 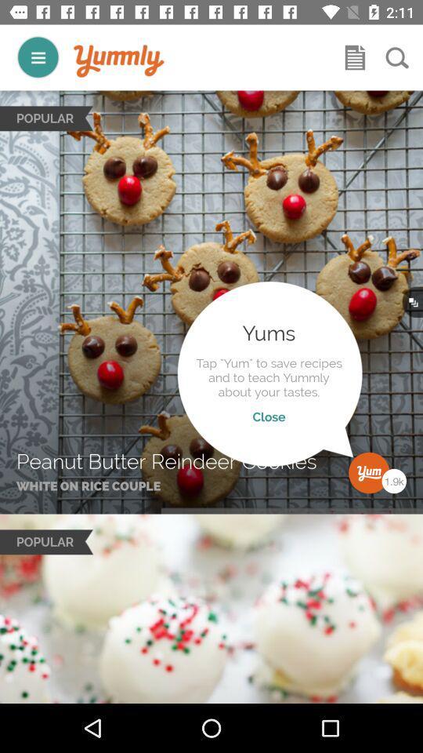 I want to click on open menu, so click(x=38, y=57).